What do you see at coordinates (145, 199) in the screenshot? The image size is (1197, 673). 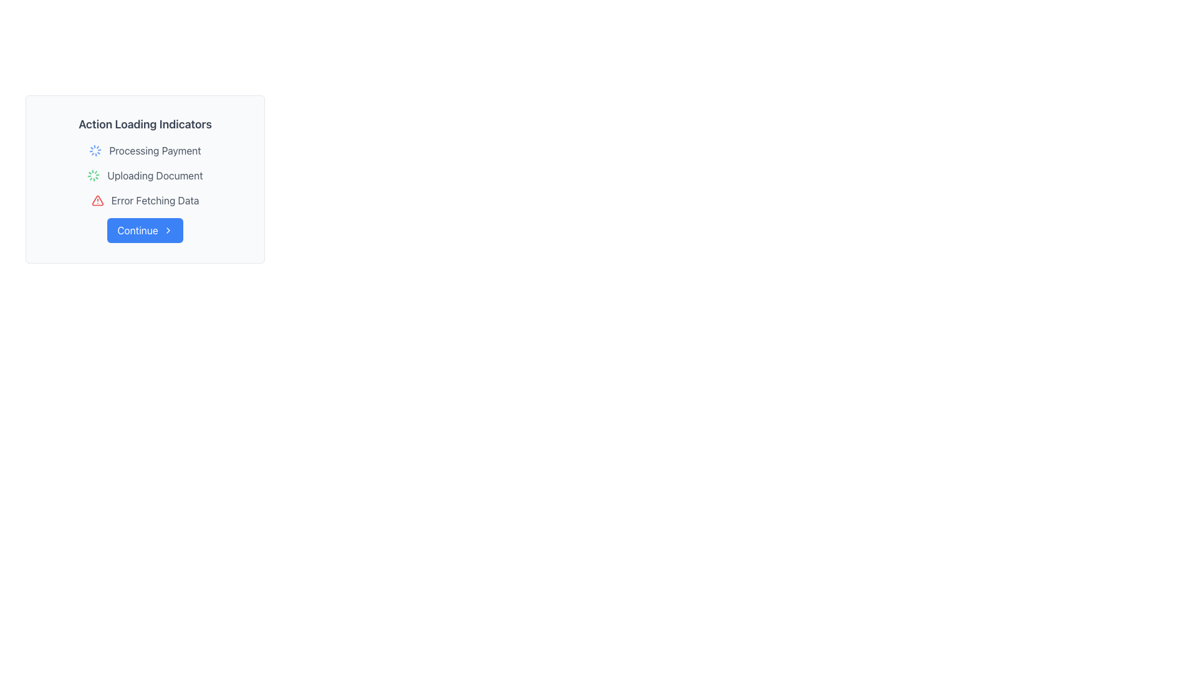 I see `the 'Error Fetching Data' label with the red triangular alert icon, which is the third error item displayed under 'Action Loading Indicators'` at bounding box center [145, 199].